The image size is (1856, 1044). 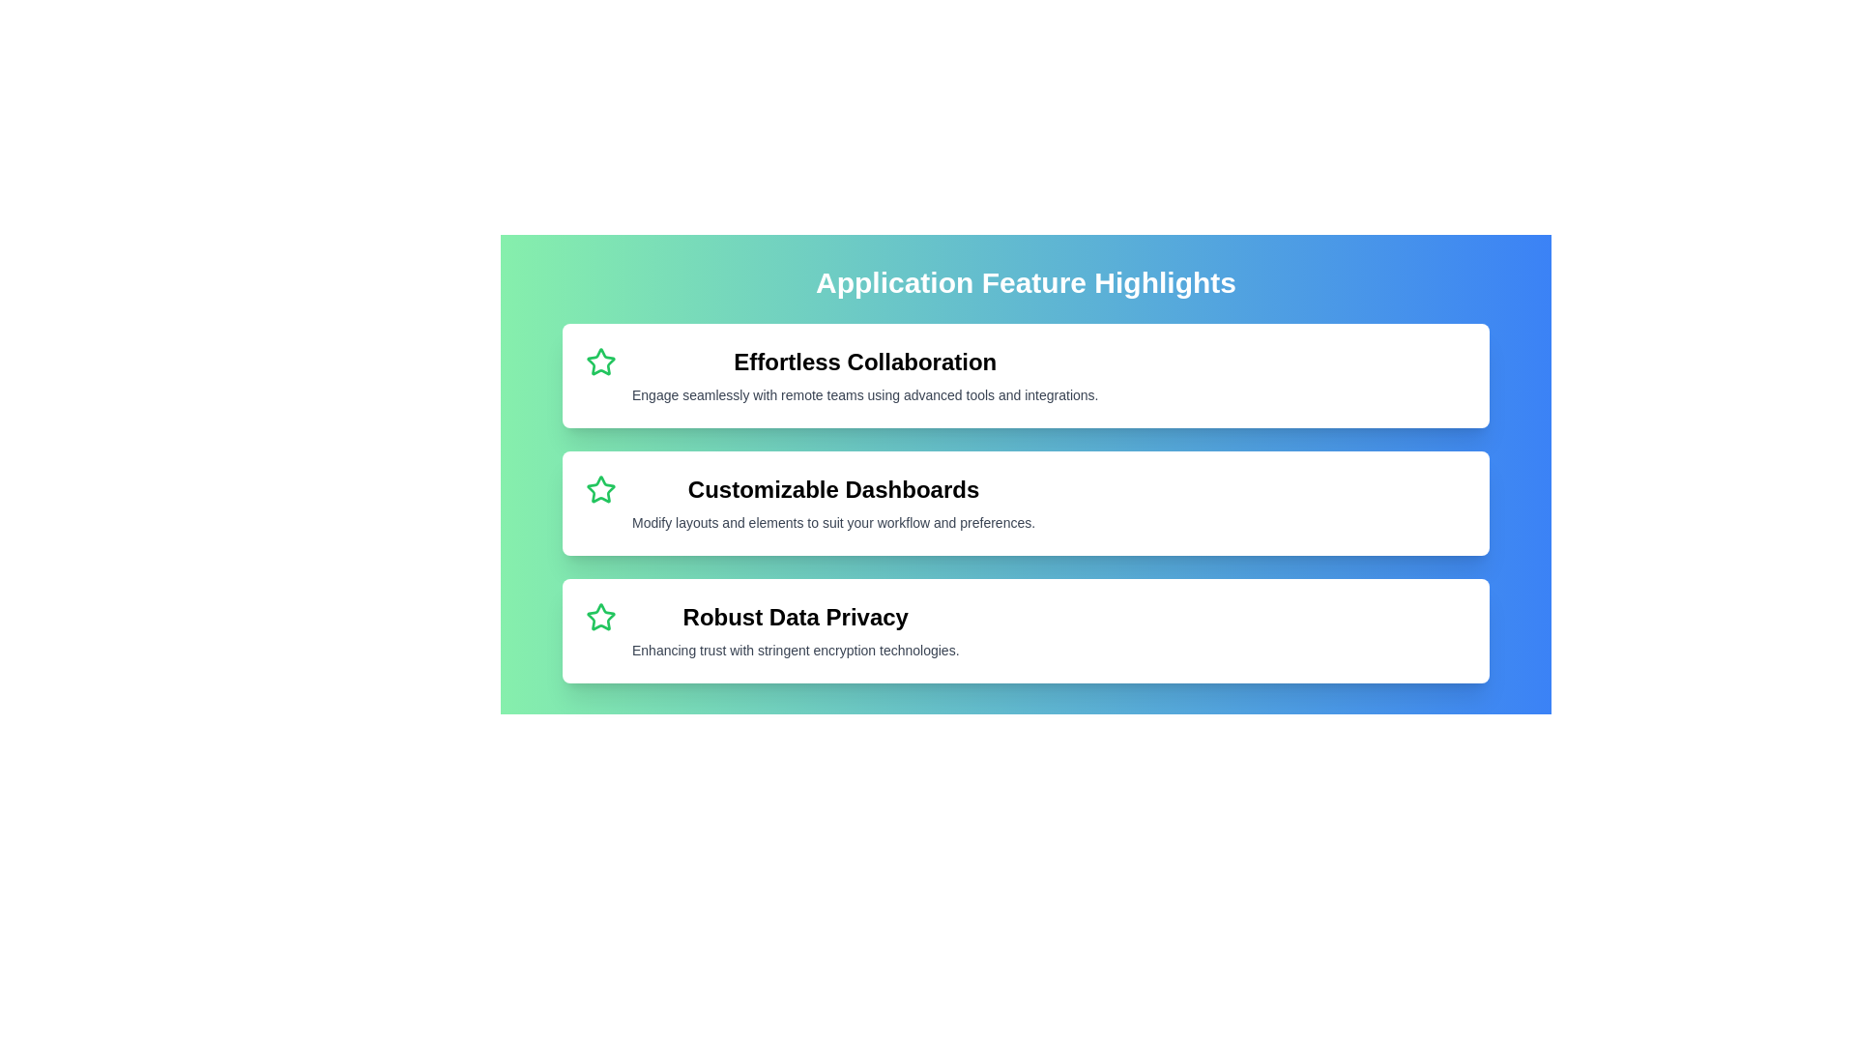 What do you see at coordinates (864, 393) in the screenshot?
I see `descriptive text located directly below the heading 'Effortless Collaboration' in the first section of the interface` at bounding box center [864, 393].